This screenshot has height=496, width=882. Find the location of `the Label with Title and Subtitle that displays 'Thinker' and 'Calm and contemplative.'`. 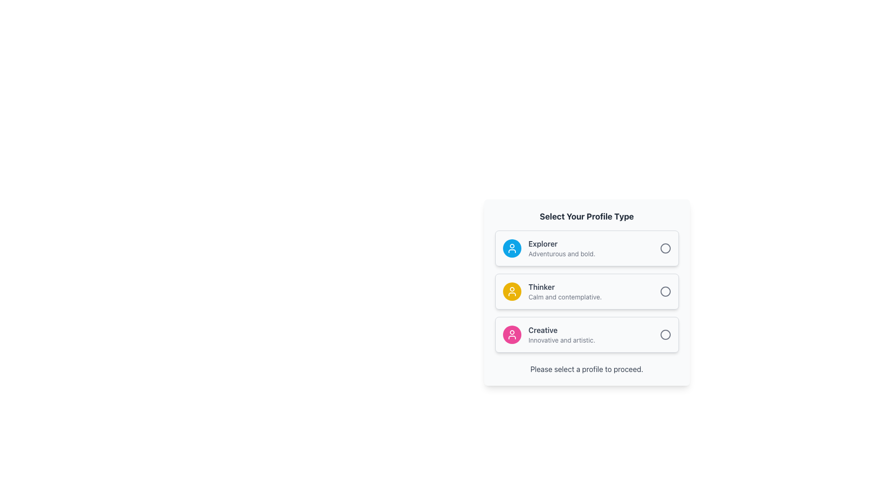

the Label with Title and Subtitle that displays 'Thinker' and 'Calm and contemplative.' is located at coordinates (594, 292).